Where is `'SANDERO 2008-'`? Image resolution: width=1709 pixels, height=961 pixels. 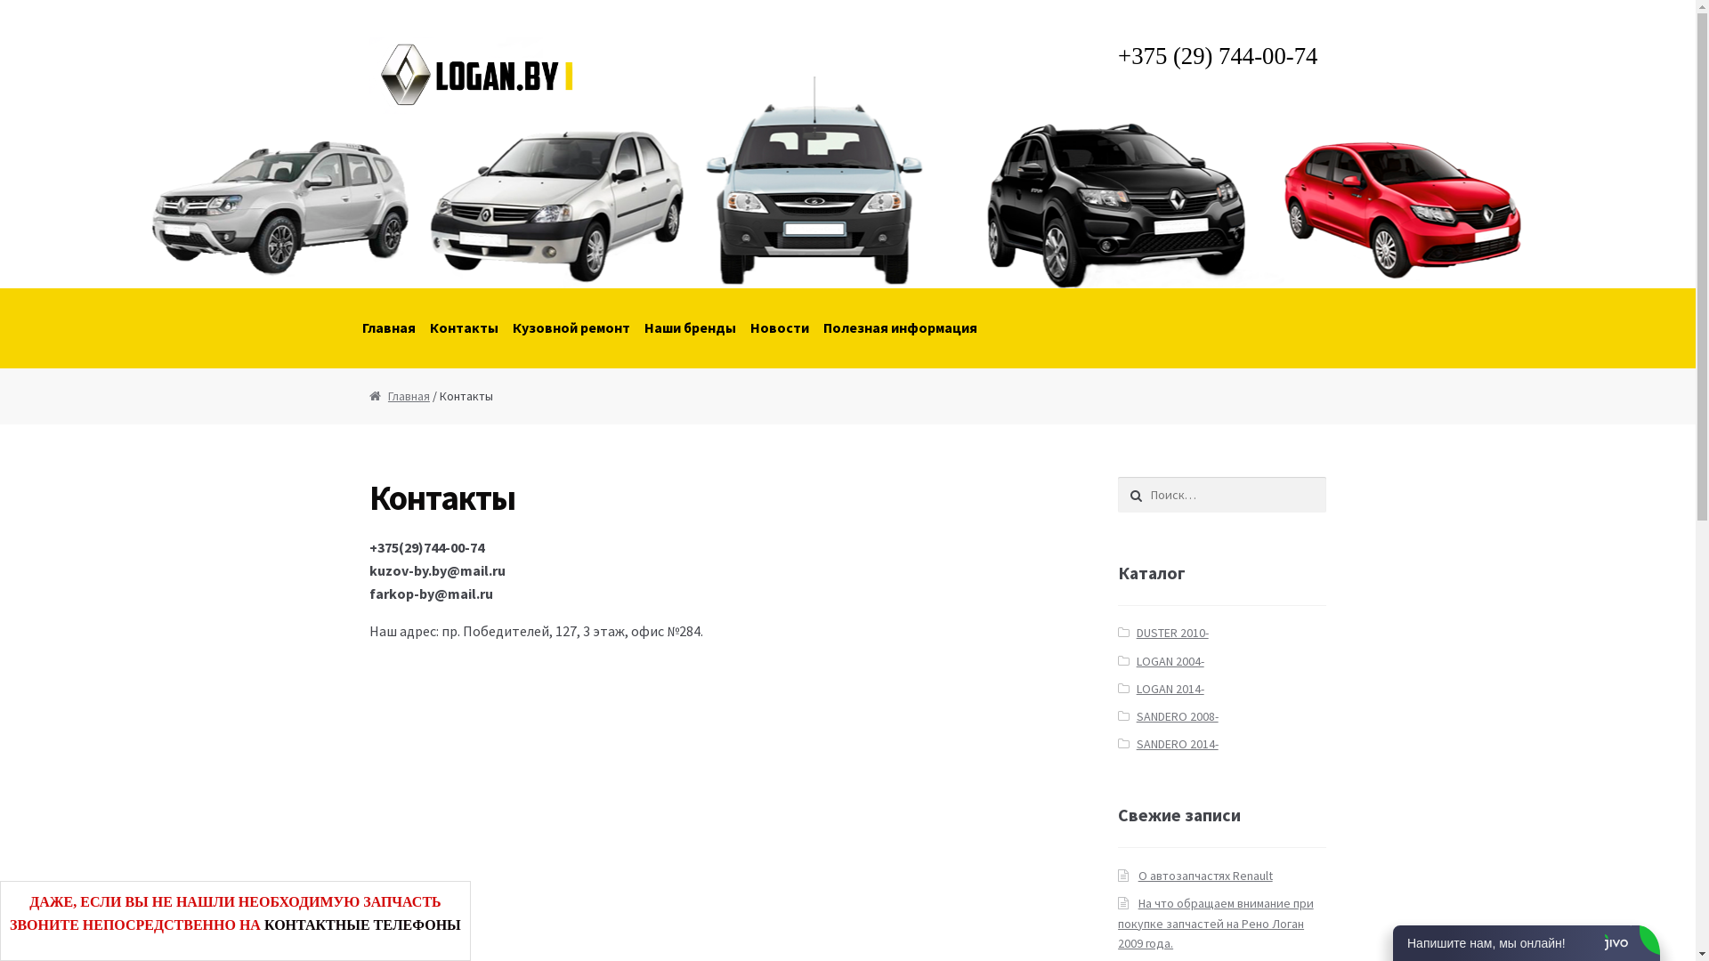
'SANDERO 2008-' is located at coordinates (1178, 715).